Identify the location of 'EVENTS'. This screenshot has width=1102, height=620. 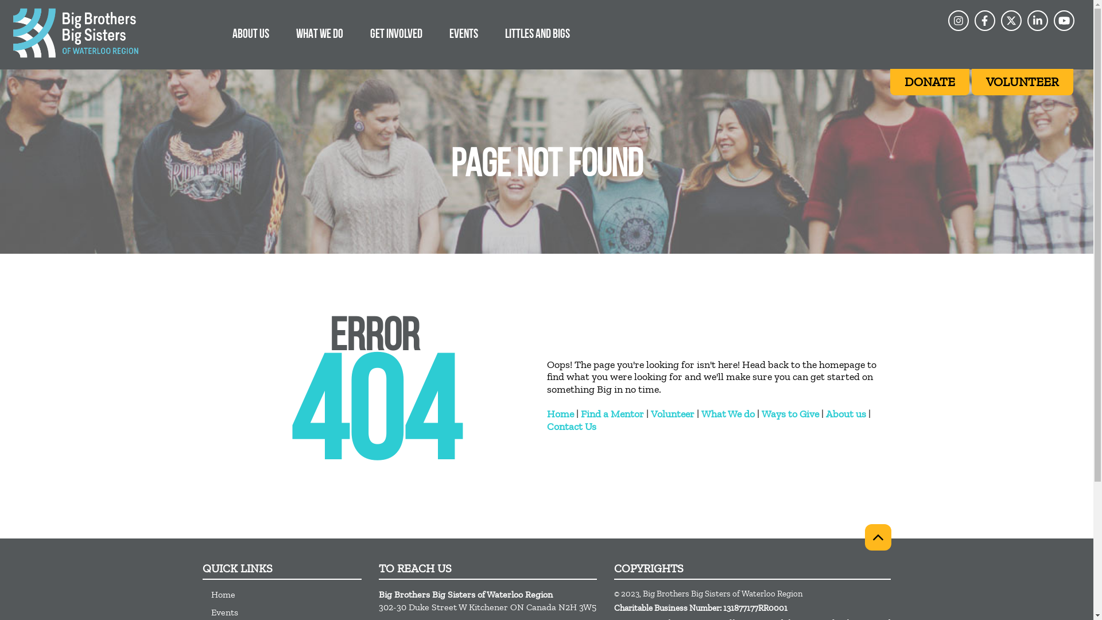
(463, 33).